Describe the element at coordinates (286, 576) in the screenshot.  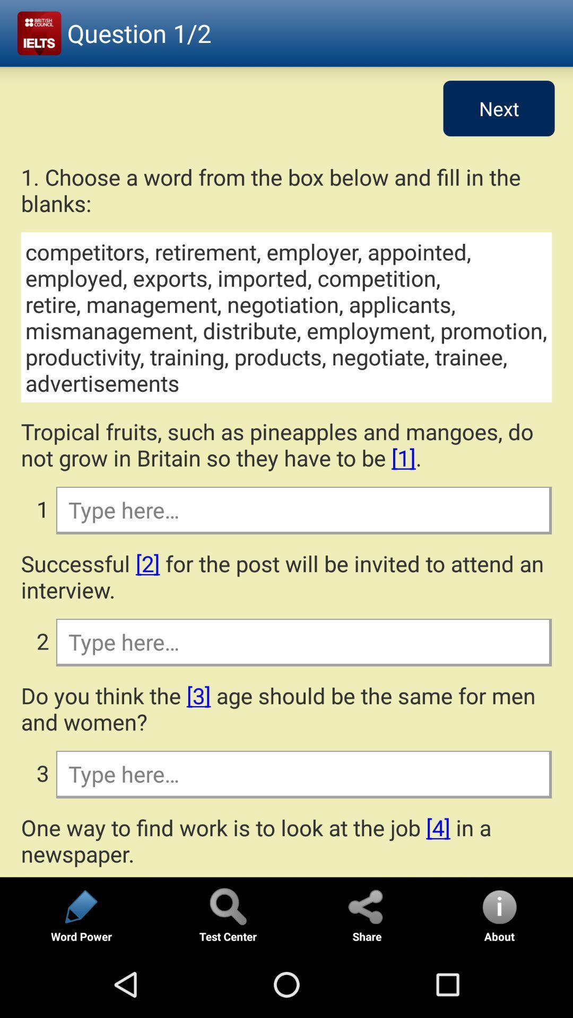
I see `item above 2` at that location.